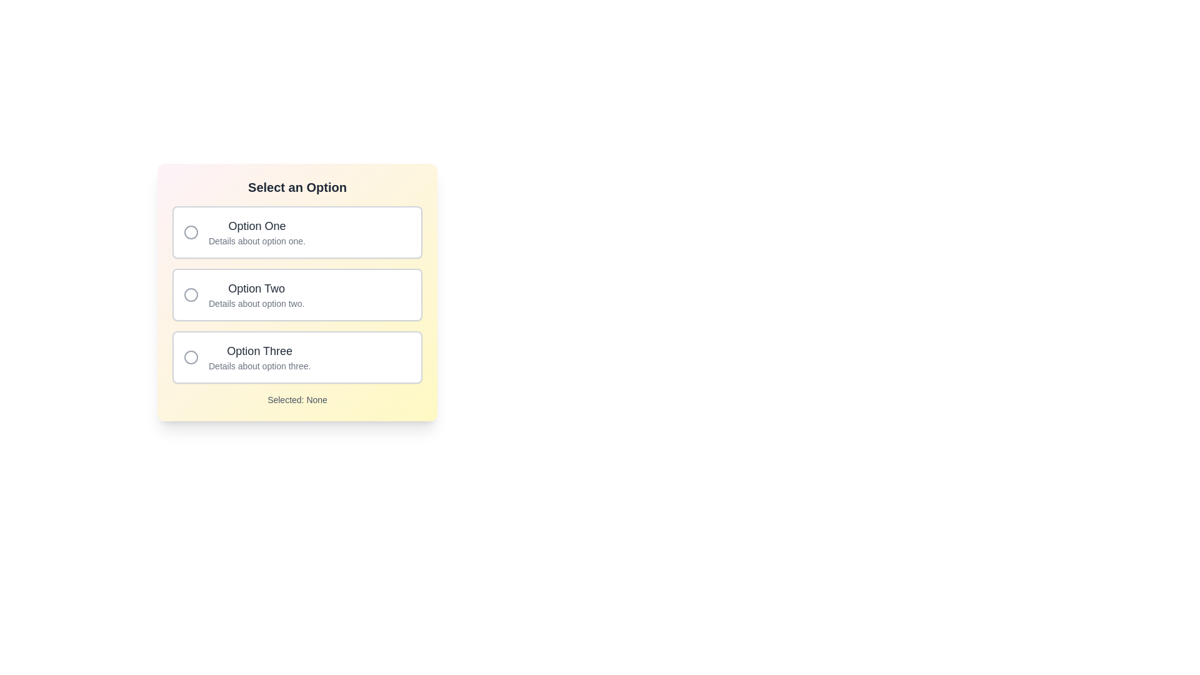  I want to click on the circular radio button with a white background and gray border located to the left of the 'Option Three' text in the third selectable option row, so click(191, 357).